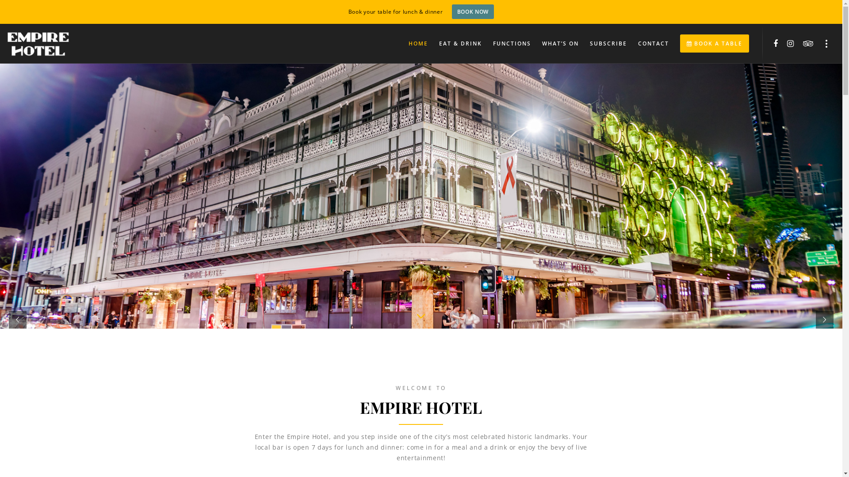  Describe the element at coordinates (709, 44) in the screenshot. I see `'BOOK A TABLE'` at that location.